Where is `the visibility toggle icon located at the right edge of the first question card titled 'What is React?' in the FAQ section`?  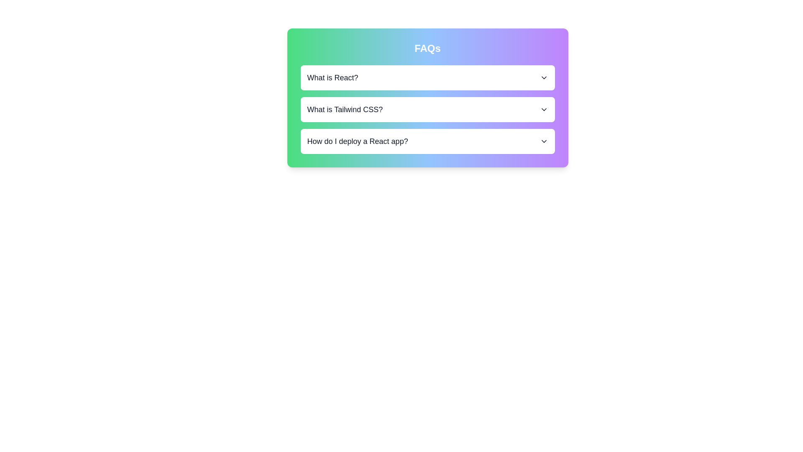
the visibility toggle icon located at the right edge of the first question card titled 'What is React?' in the FAQ section is located at coordinates (544, 77).